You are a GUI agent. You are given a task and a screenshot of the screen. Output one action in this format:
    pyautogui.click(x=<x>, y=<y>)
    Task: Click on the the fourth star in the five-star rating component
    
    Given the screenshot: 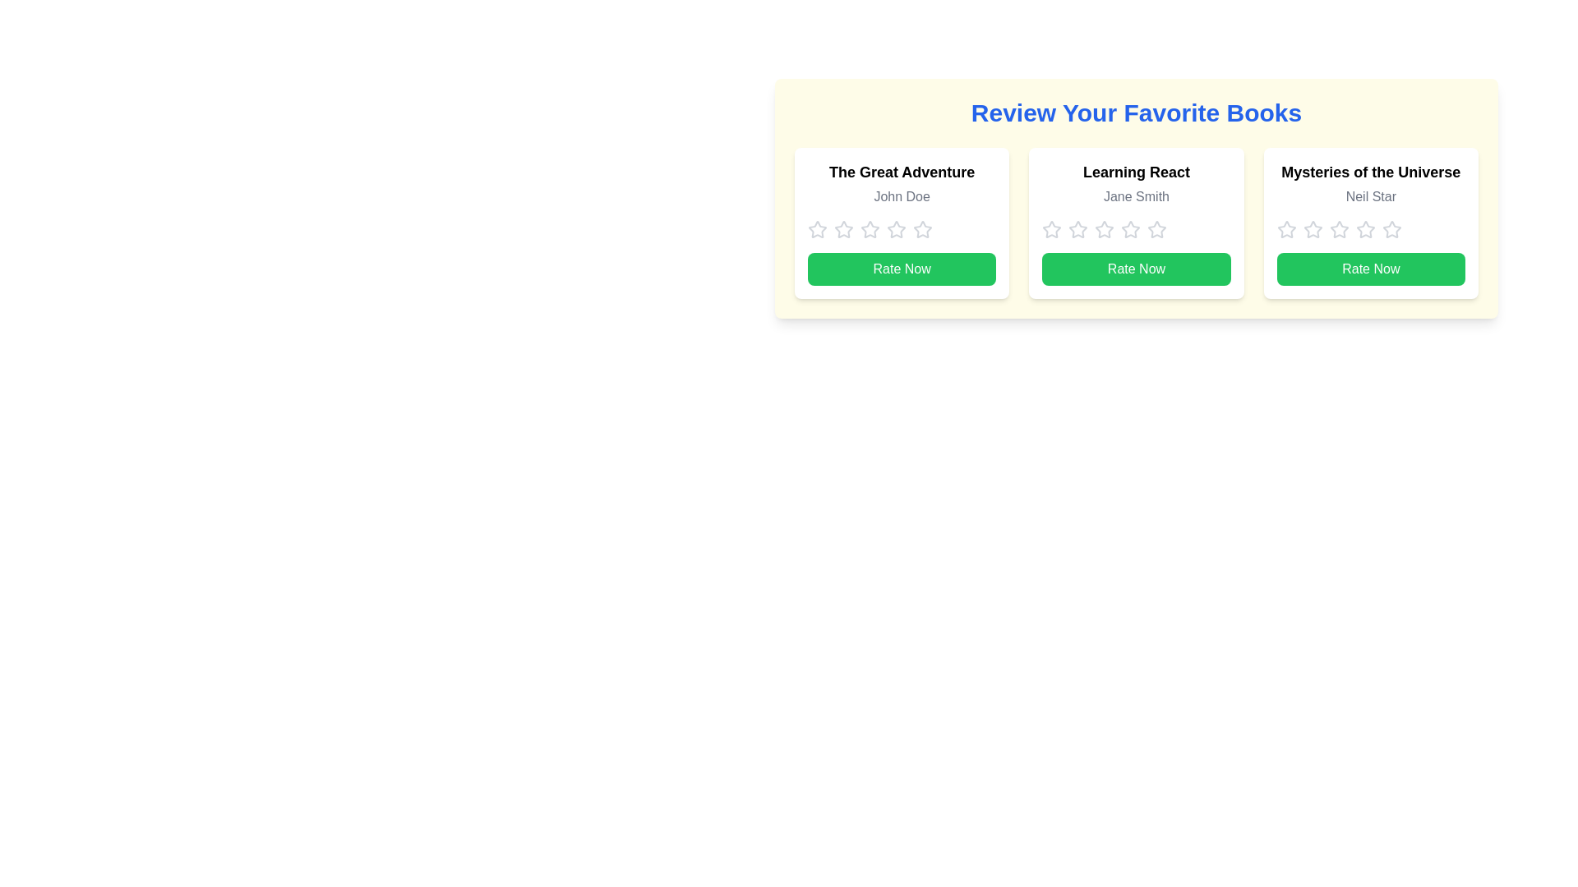 What is the action you would take?
    pyautogui.click(x=1156, y=229)
    